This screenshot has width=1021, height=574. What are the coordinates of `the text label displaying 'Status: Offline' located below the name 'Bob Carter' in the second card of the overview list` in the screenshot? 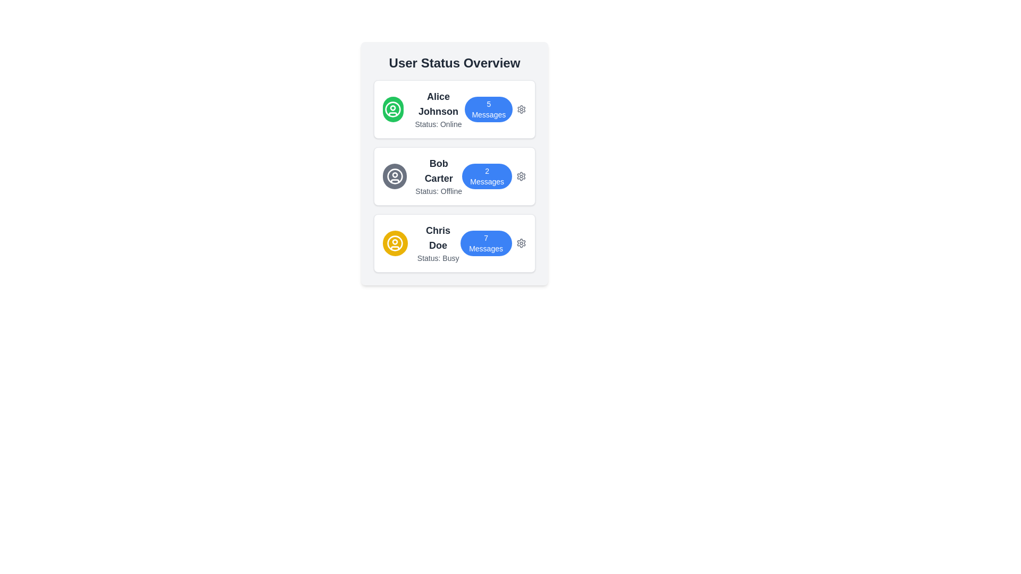 It's located at (439, 190).